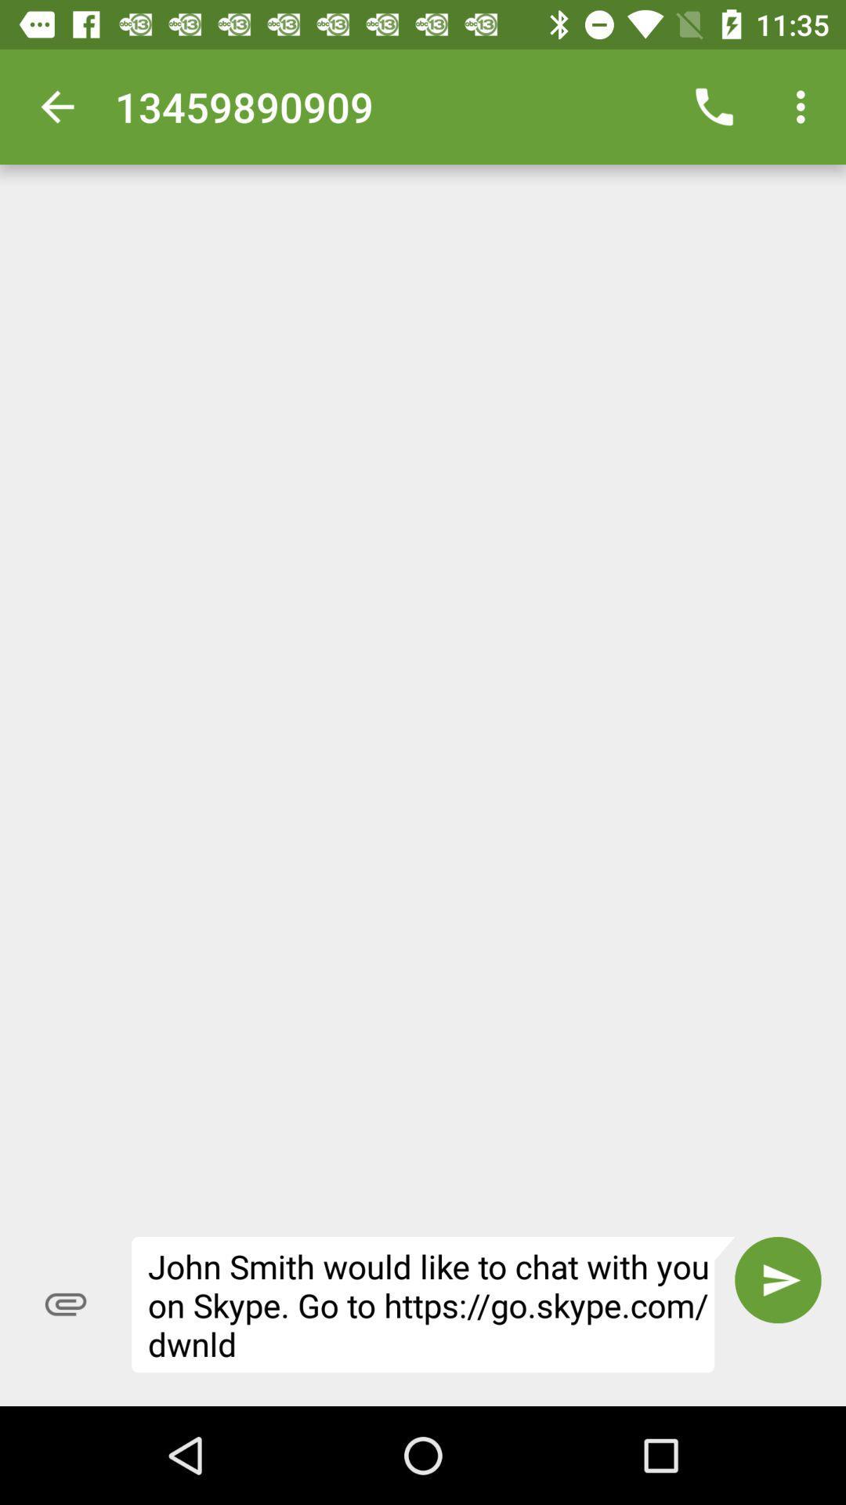  I want to click on item at the top left corner, so click(56, 106).